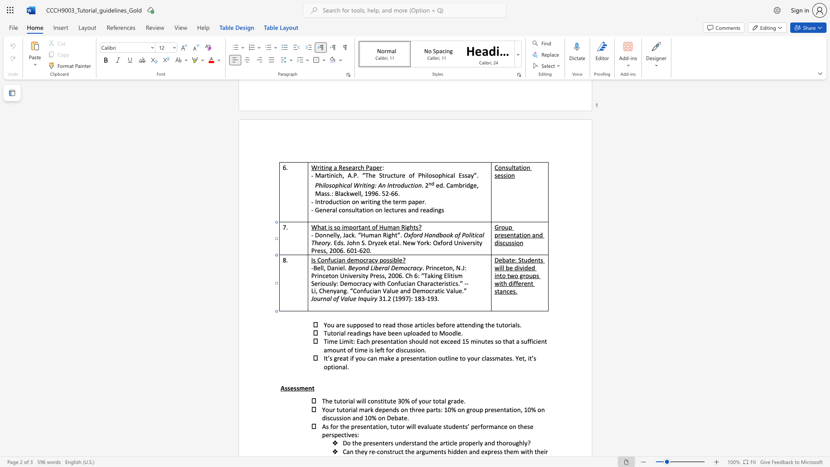  Describe the element at coordinates (380, 283) in the screenshot. I see `the 1th character "t" in the text` at that location.